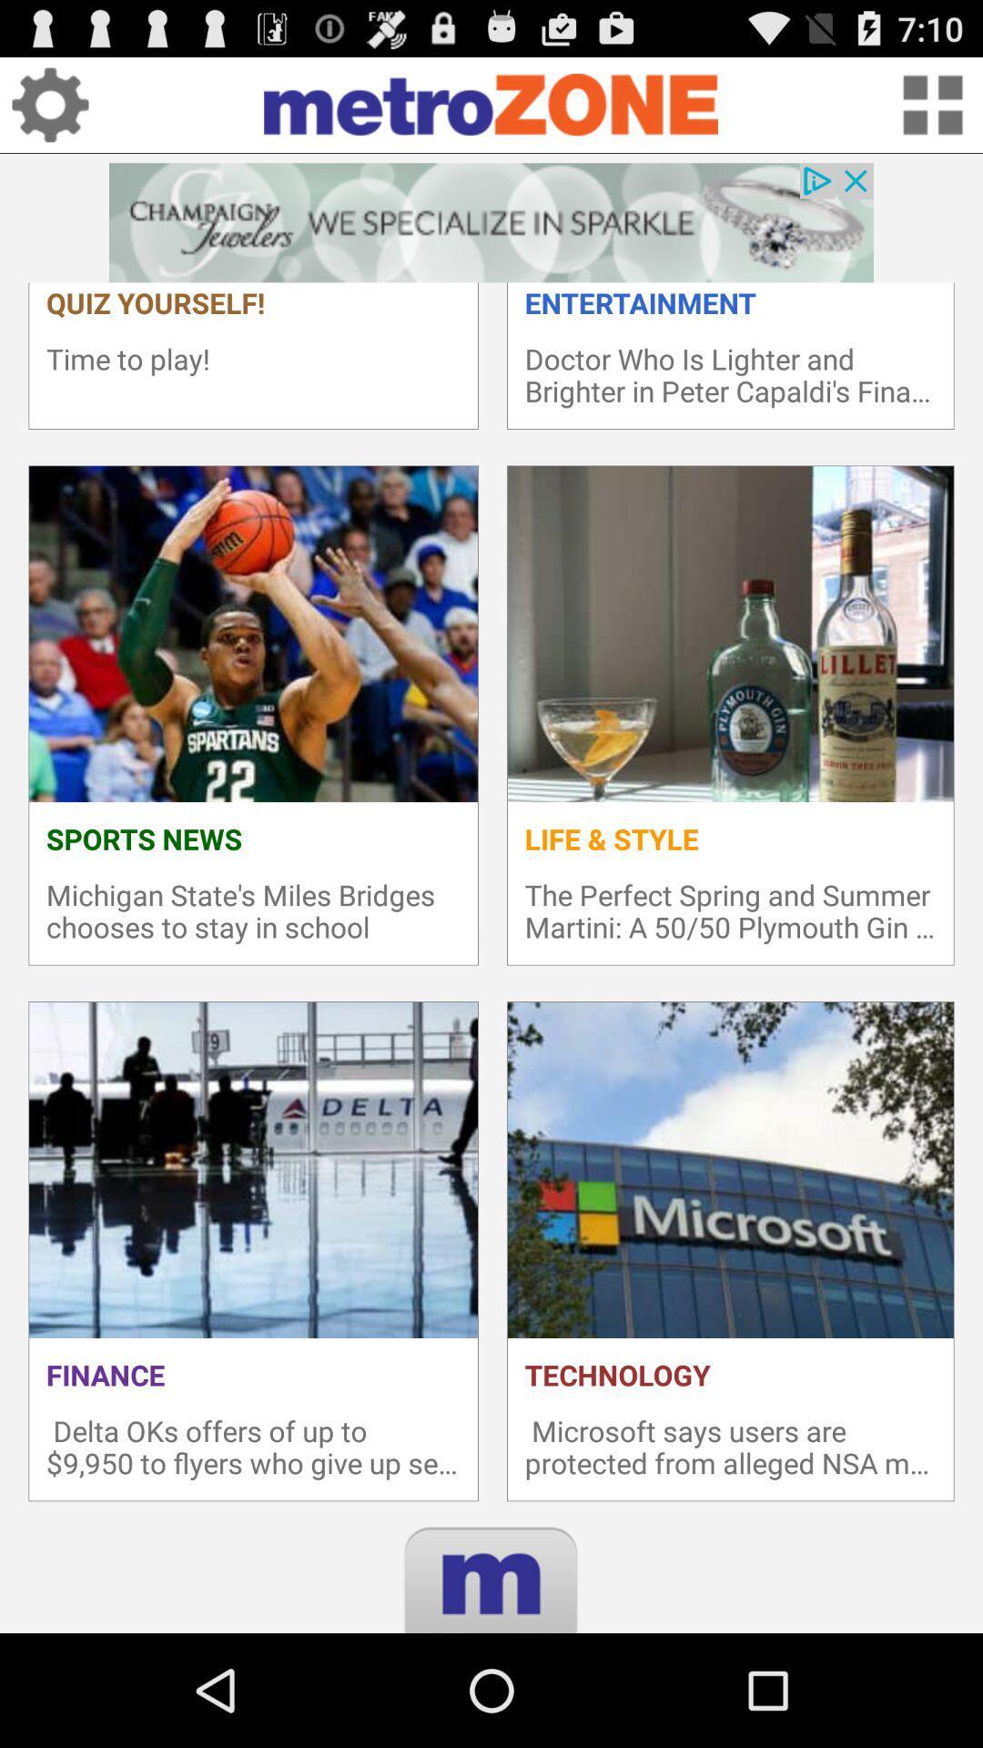  What do you see at coordinates (49, 111) in the screenshot?
I see `the settings icon` at bounding box center [49, 111].